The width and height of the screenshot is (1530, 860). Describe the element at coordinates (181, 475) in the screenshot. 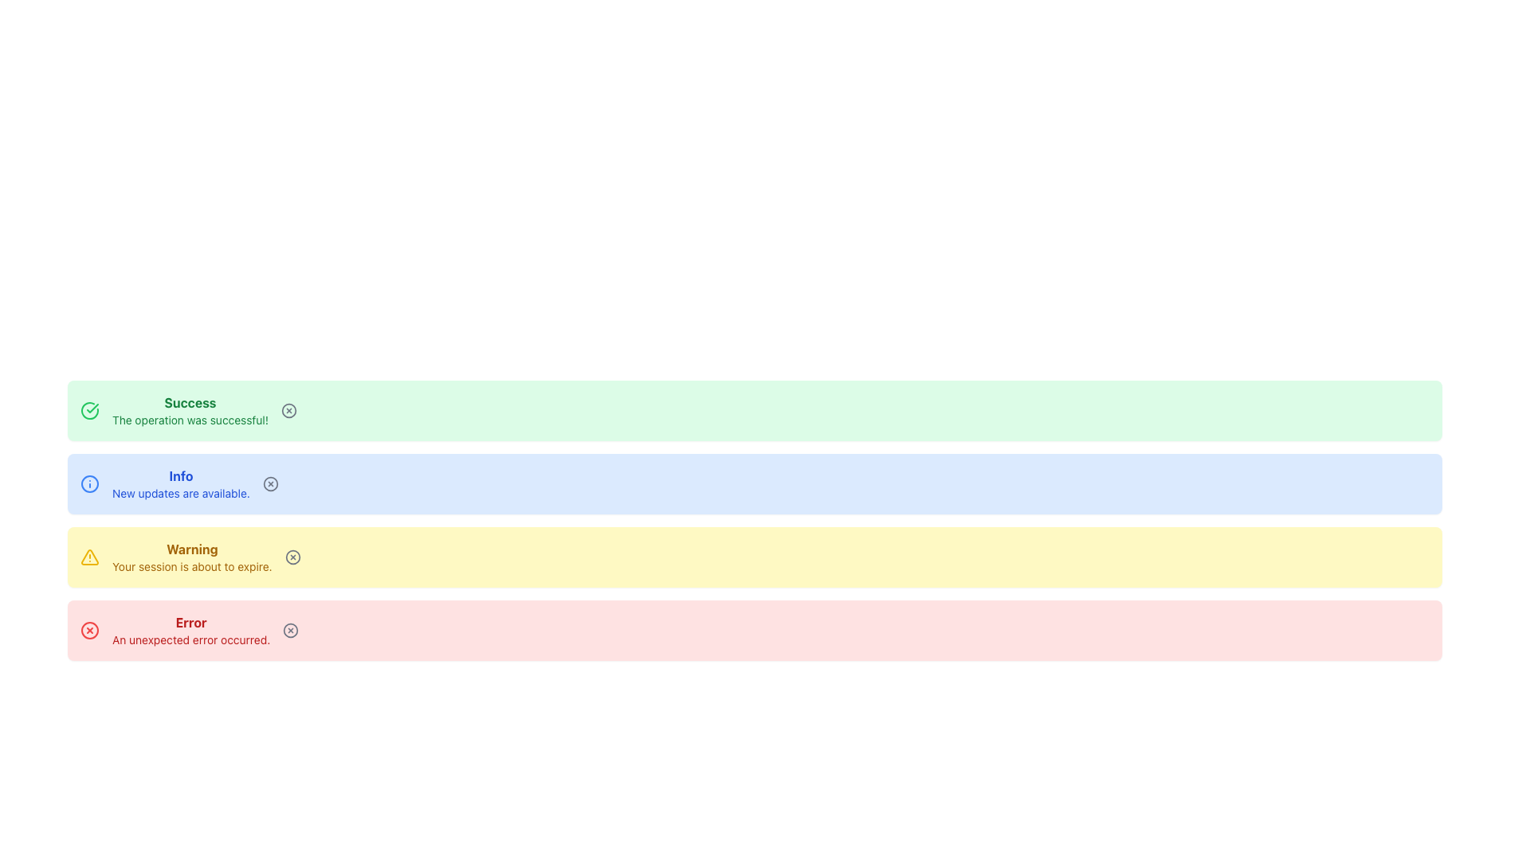

I see `the bold text label displaying the word 'Info' for accessibility purposes, located in the center of a light blue alert box above the text 'New updates are available.'` at that location.